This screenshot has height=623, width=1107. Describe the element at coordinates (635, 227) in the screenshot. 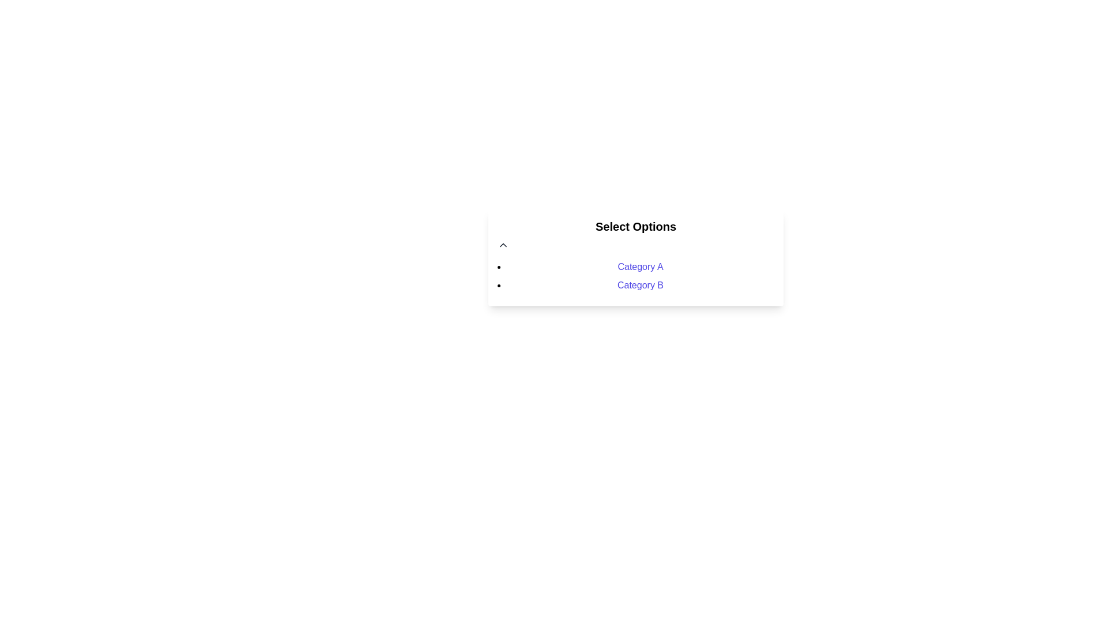

I see `the non-interactive text label at the top of the dropdown menu, which serves as a title for the options below it` at that location.